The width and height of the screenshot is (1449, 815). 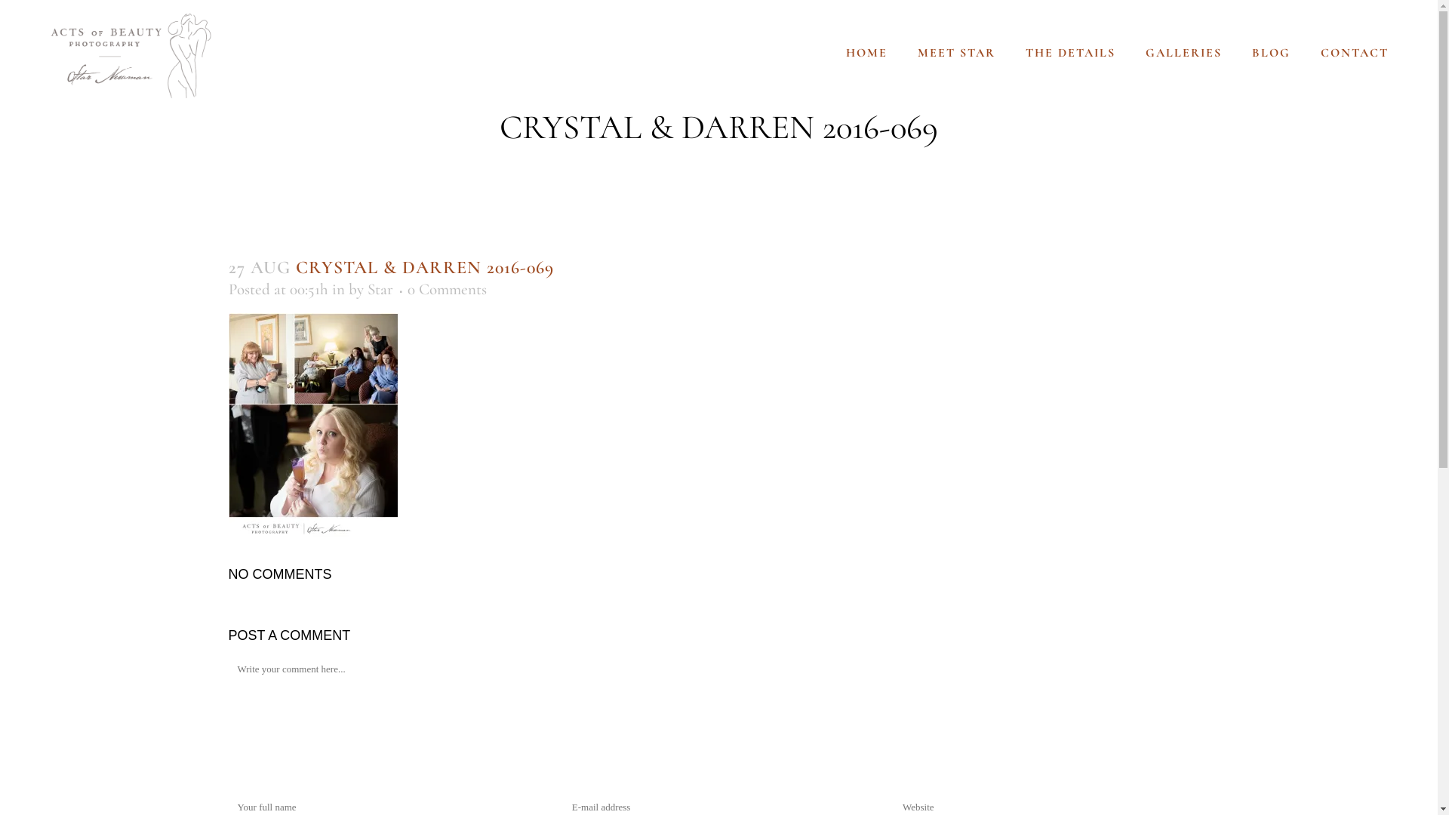 What do you see at coordinates (955, 51) in the screenshot?
I see `'MEET STAR'` at bounding box center [955, 51].